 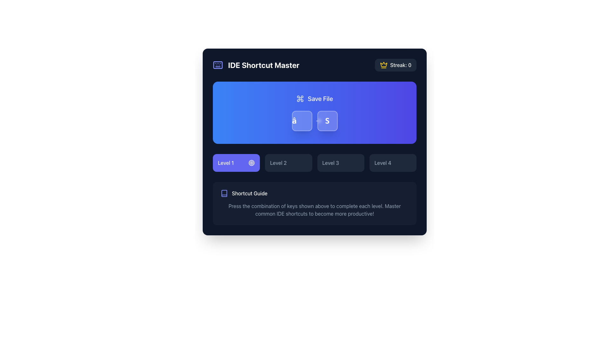 What do you see at coordinates (315, 203) in the screenshot?
I see `the informational section that guides users on utilizing keyboard shortcuts, located near the bottom center of the interface beneath the level buttons` at bounding box center [315, 203].